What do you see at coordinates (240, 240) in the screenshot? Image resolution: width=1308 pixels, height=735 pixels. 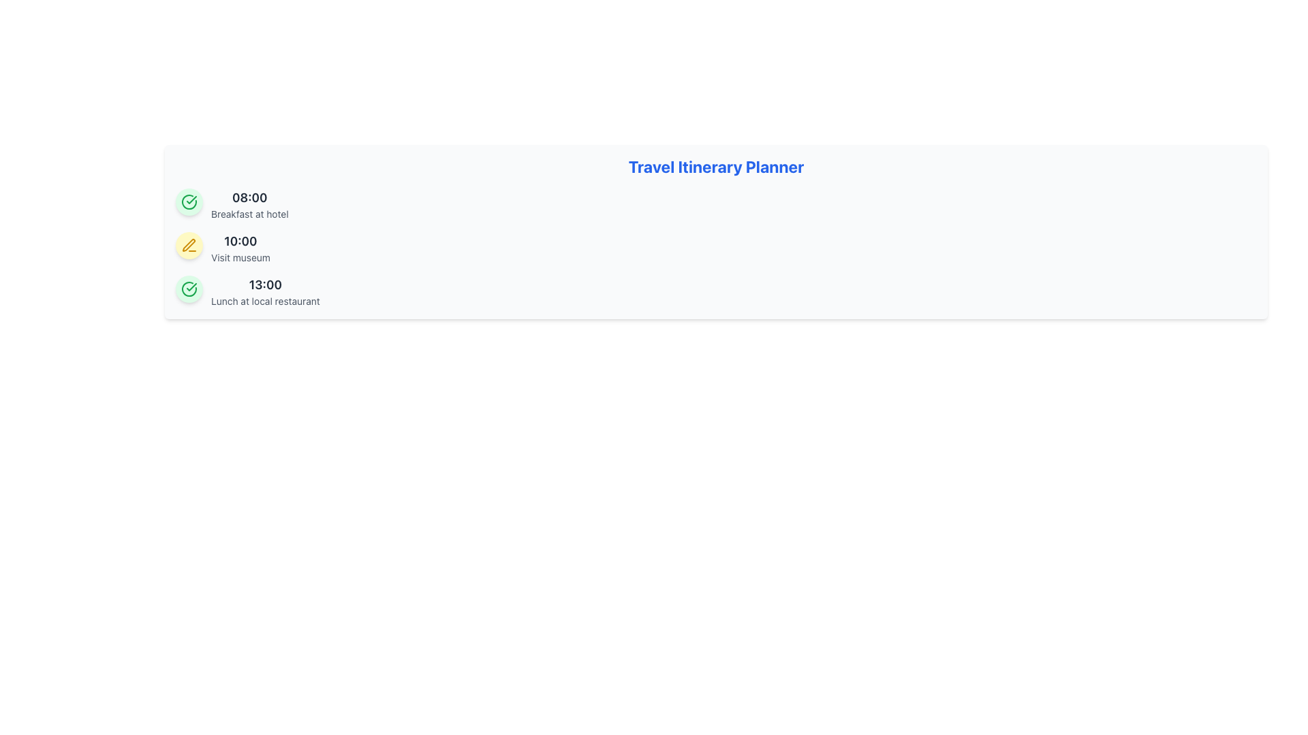 I see `the second time indicator text element which is positioned above the 'Visit museum' text in the schedule interface` at bounding box center [240, 240].